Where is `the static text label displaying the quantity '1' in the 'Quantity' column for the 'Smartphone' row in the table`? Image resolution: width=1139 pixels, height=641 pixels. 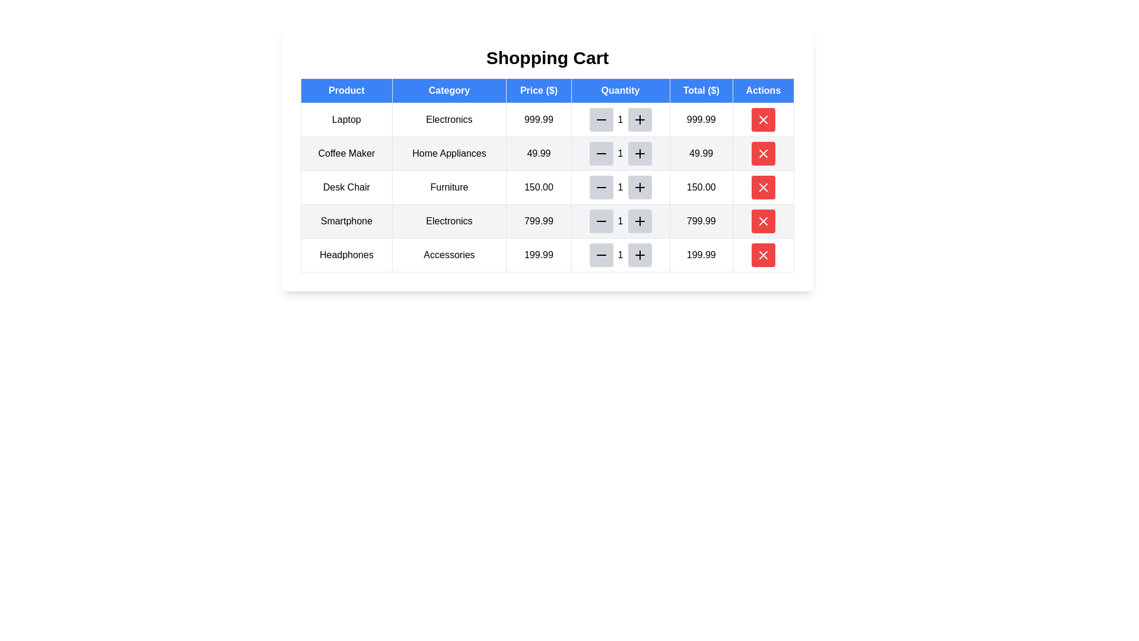
the static text label displaying the quantity '1' in the 'Quantity' column for the 'Smartphone' row in the table is located at coordinates (620, 221).